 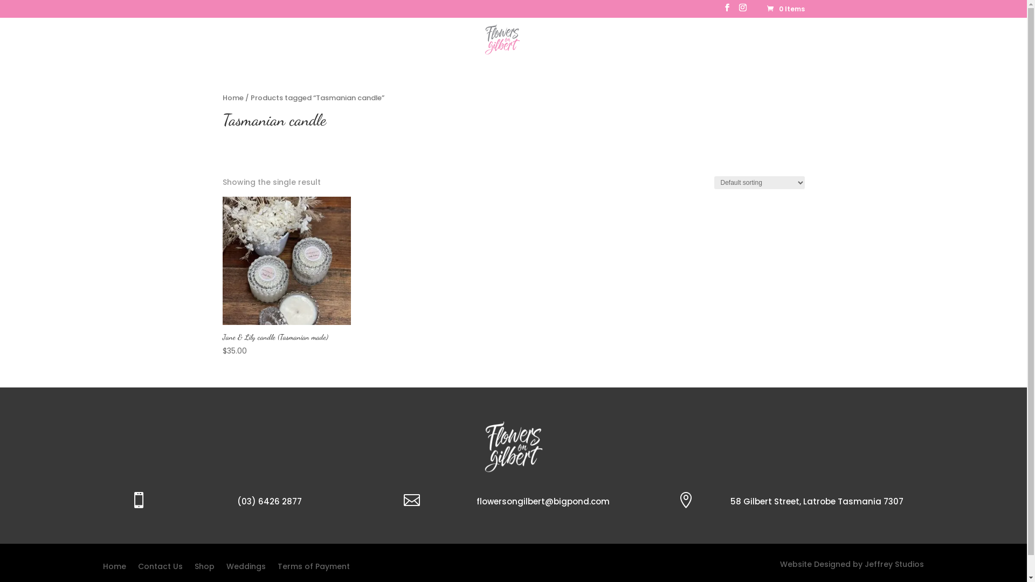 I want to click on 'Terms of Payment', so click(x=312, y=568).